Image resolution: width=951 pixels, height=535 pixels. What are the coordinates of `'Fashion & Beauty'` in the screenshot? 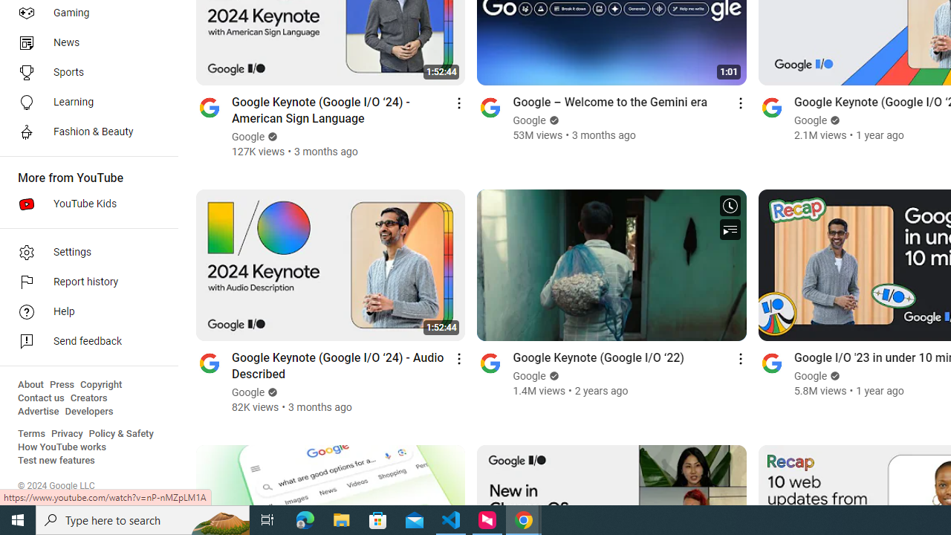 It's located at (83, 131).